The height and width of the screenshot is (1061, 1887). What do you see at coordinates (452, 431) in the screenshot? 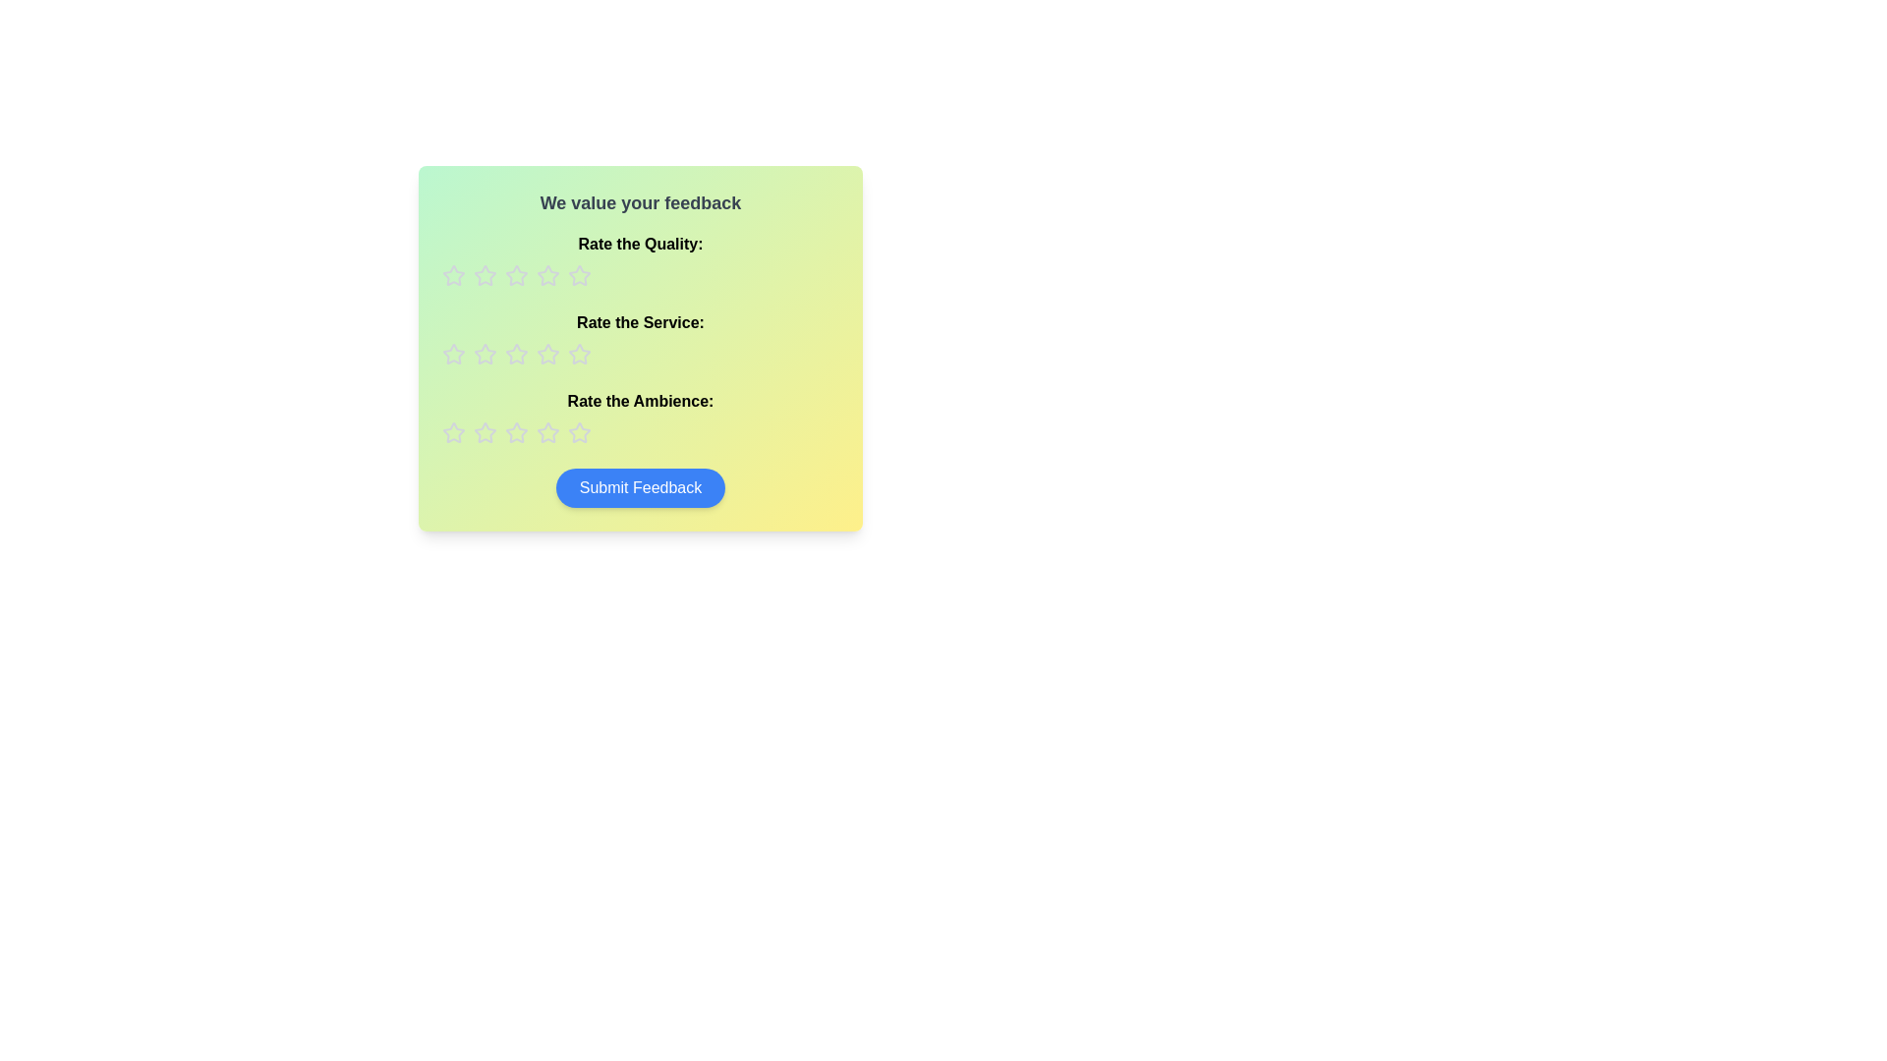
I see `the first star in the 'Rate the Ambience:' section to assign a rating` at bounding box center [452, 431].